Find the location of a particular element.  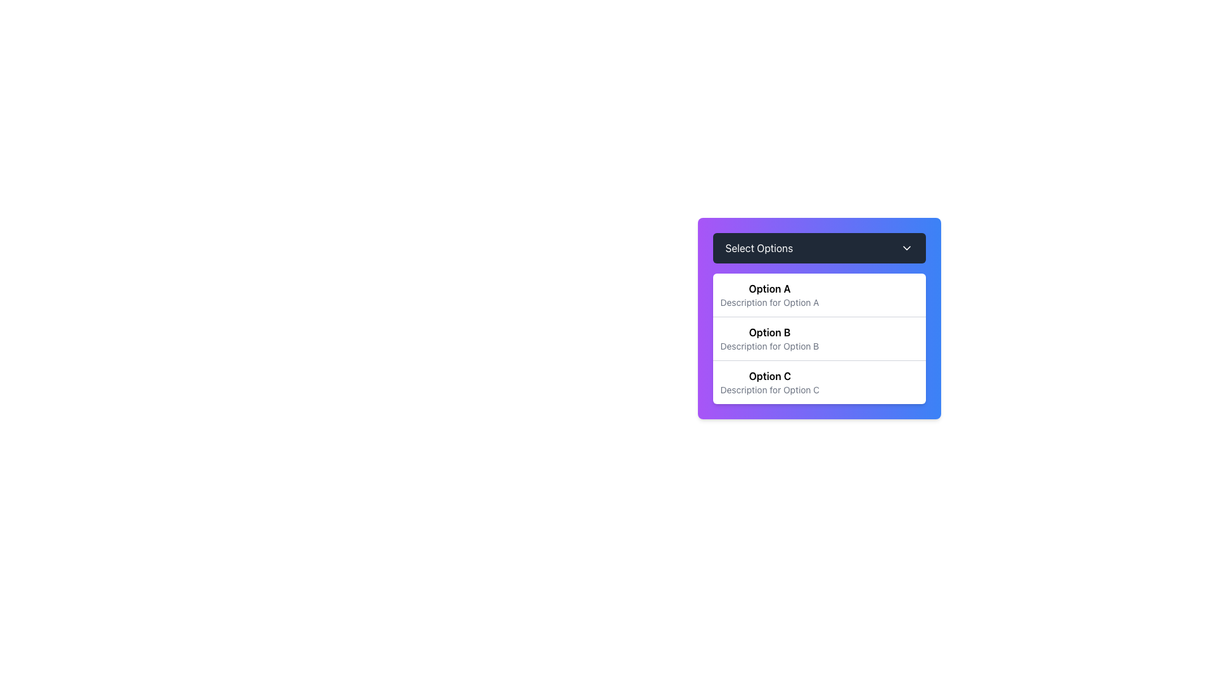

the text element reading 'Description for Option A', which is styled in lighter gray and located beneath 'Option A' in the 'Select Options' dropdown menu is located at coordinates (769, 303).